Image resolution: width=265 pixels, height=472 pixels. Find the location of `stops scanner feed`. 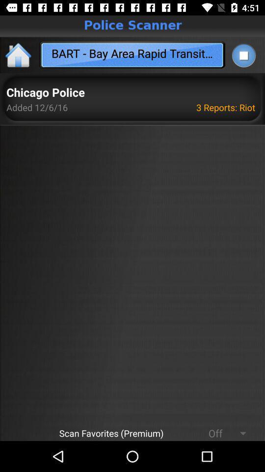

stops scanner feed is located at coordinates (243, 55).